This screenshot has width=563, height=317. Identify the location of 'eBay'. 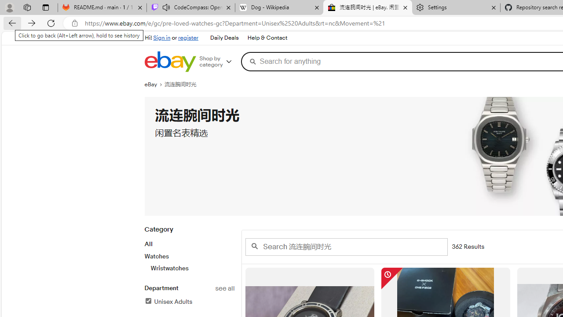
(154, 84).